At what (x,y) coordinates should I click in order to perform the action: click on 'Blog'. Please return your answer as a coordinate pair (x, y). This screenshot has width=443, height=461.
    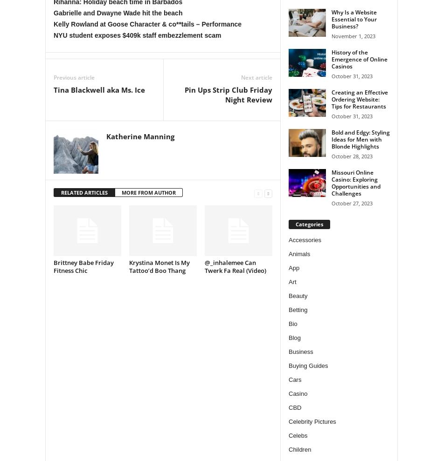
    Looking at the image, I should click on (295, 337).